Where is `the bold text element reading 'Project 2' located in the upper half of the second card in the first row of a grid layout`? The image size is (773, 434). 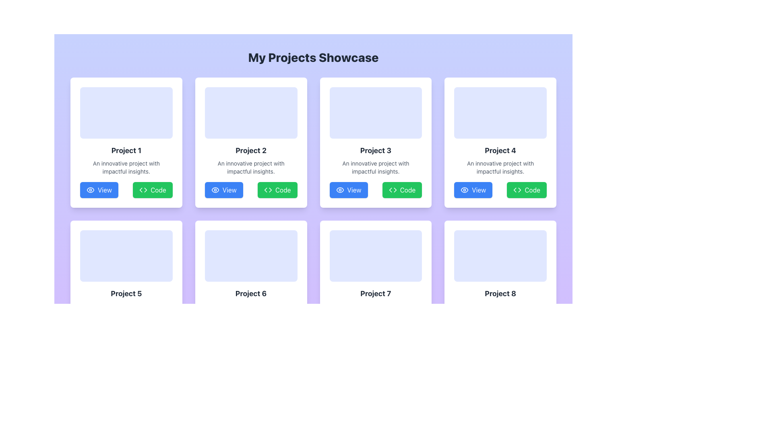
the bold text element reading 'Project 2' located in the upper half of the second card in the first row of a grid layout is located at coordinates (250, 150).